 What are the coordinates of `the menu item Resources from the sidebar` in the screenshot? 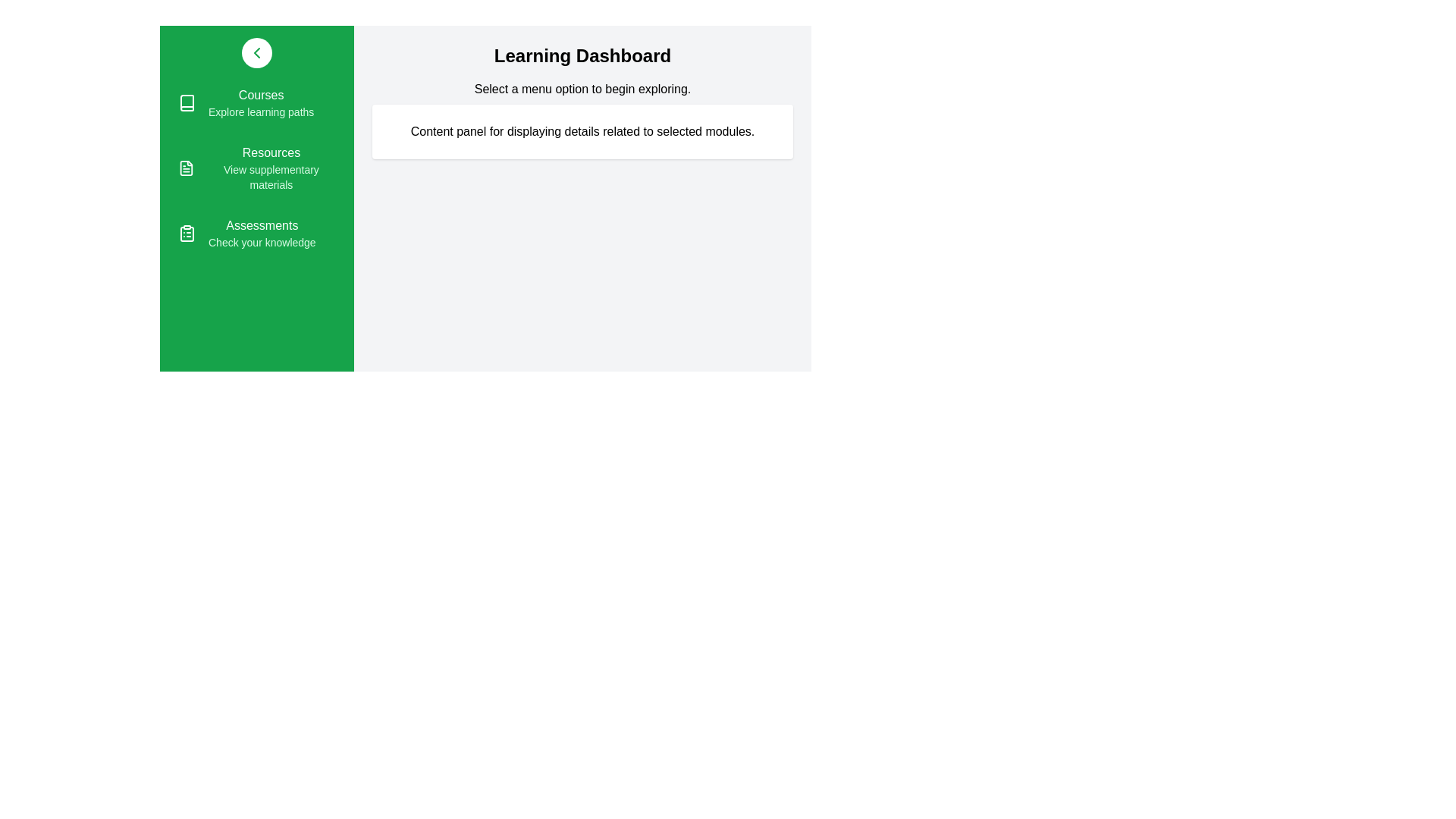 It's located at (257, 168).